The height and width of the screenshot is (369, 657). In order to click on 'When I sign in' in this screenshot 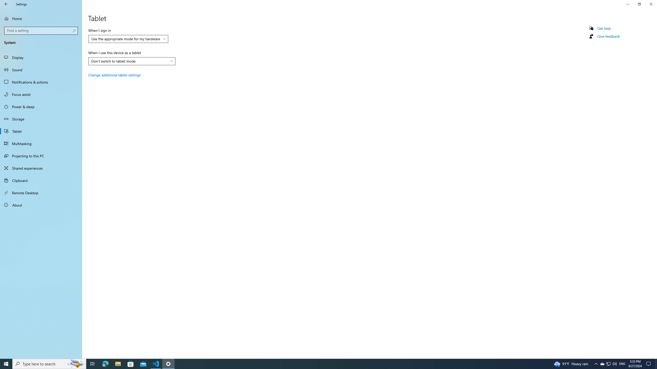, I will do `click(128, 38)`.